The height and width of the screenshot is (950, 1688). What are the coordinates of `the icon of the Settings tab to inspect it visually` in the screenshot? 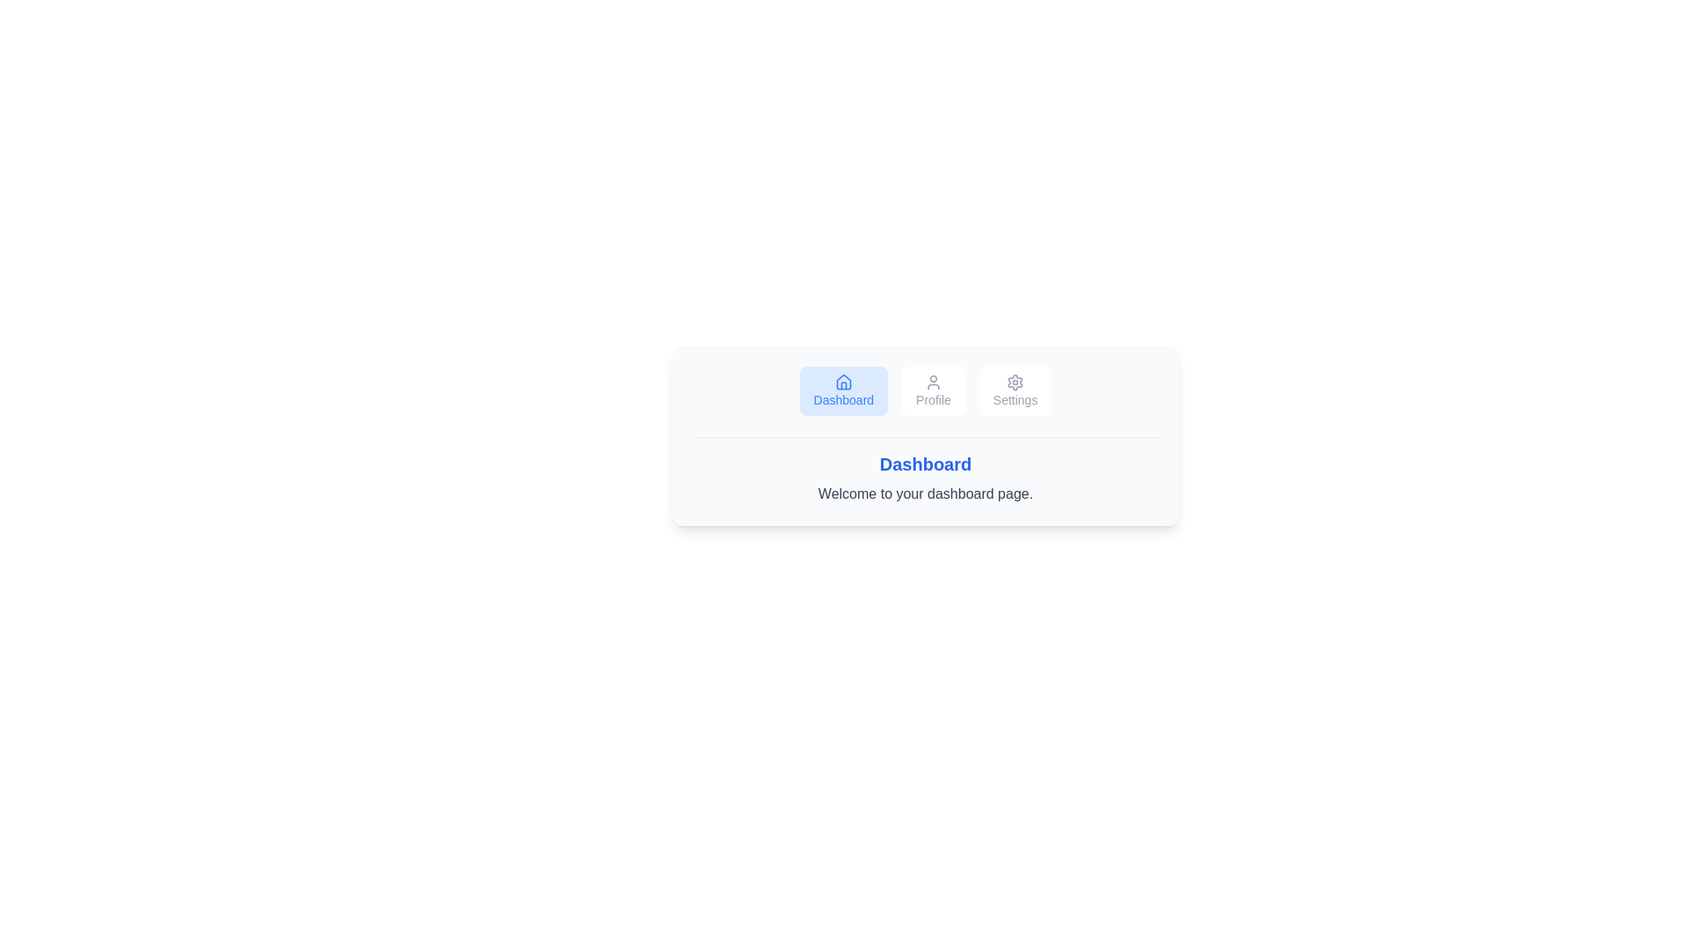 It's located at (1015, 382).